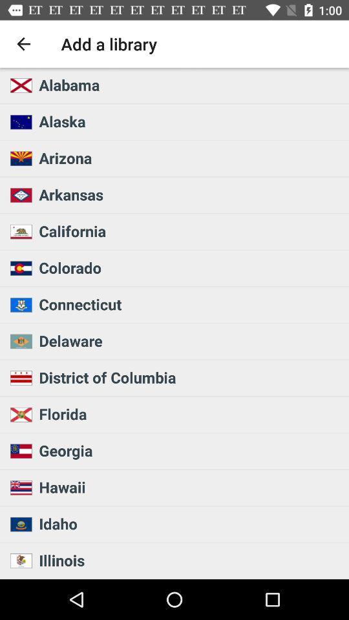 This screenshot has height=620, width=349. What do you see at coordinates (189, 486) in the screenshot?
I see `the item below georgia` at bounding box center [189, 486].